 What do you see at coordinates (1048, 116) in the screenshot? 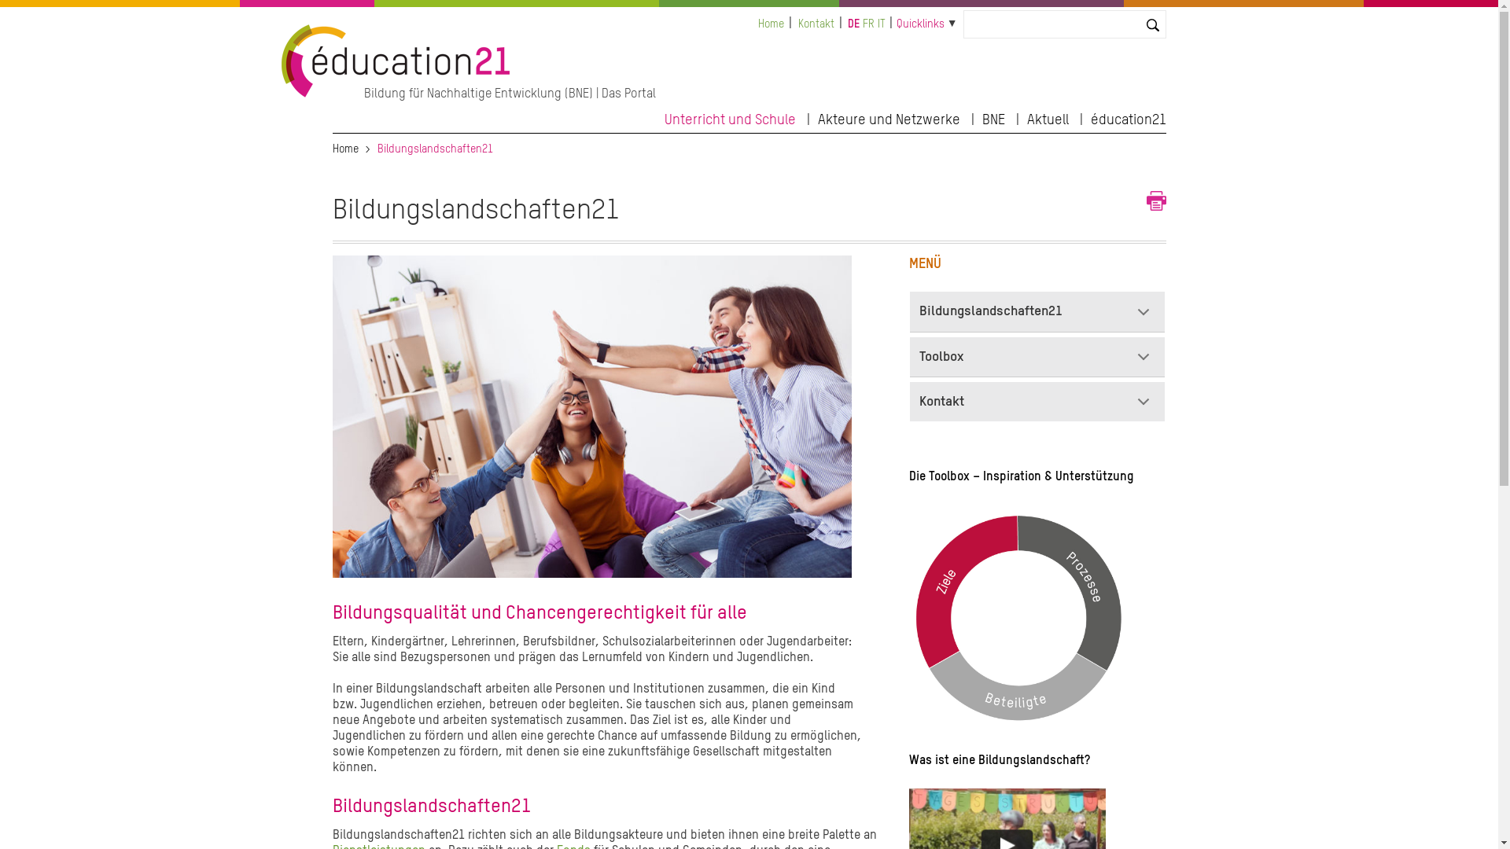
I see `'Aktuell'` at bounding box center [1048, 116].